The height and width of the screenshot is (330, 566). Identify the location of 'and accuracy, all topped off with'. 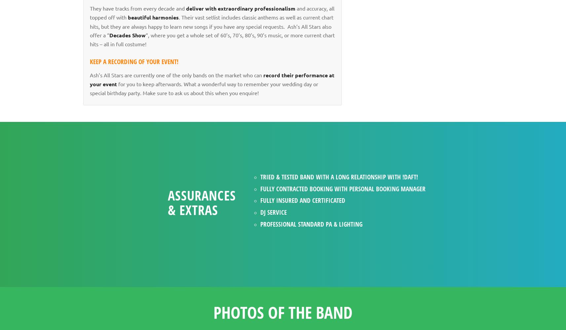
(212, 12).